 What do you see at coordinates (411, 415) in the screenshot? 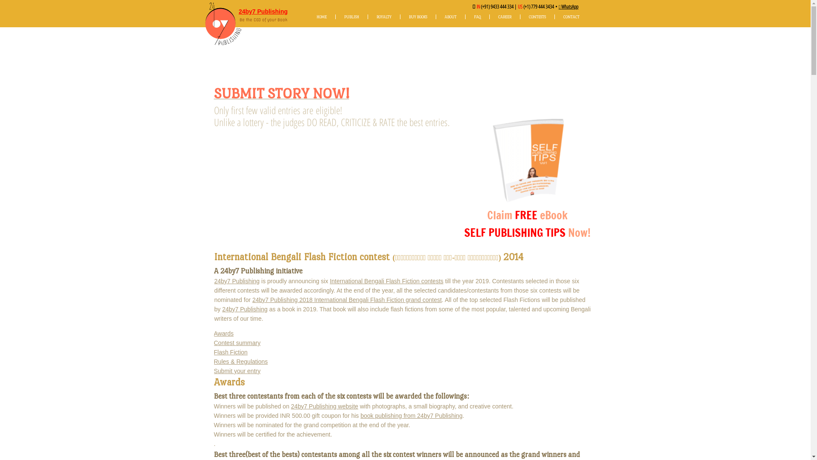
I see `'book publishing from 24by7 Publishing'` at bounding box center [411, 415].